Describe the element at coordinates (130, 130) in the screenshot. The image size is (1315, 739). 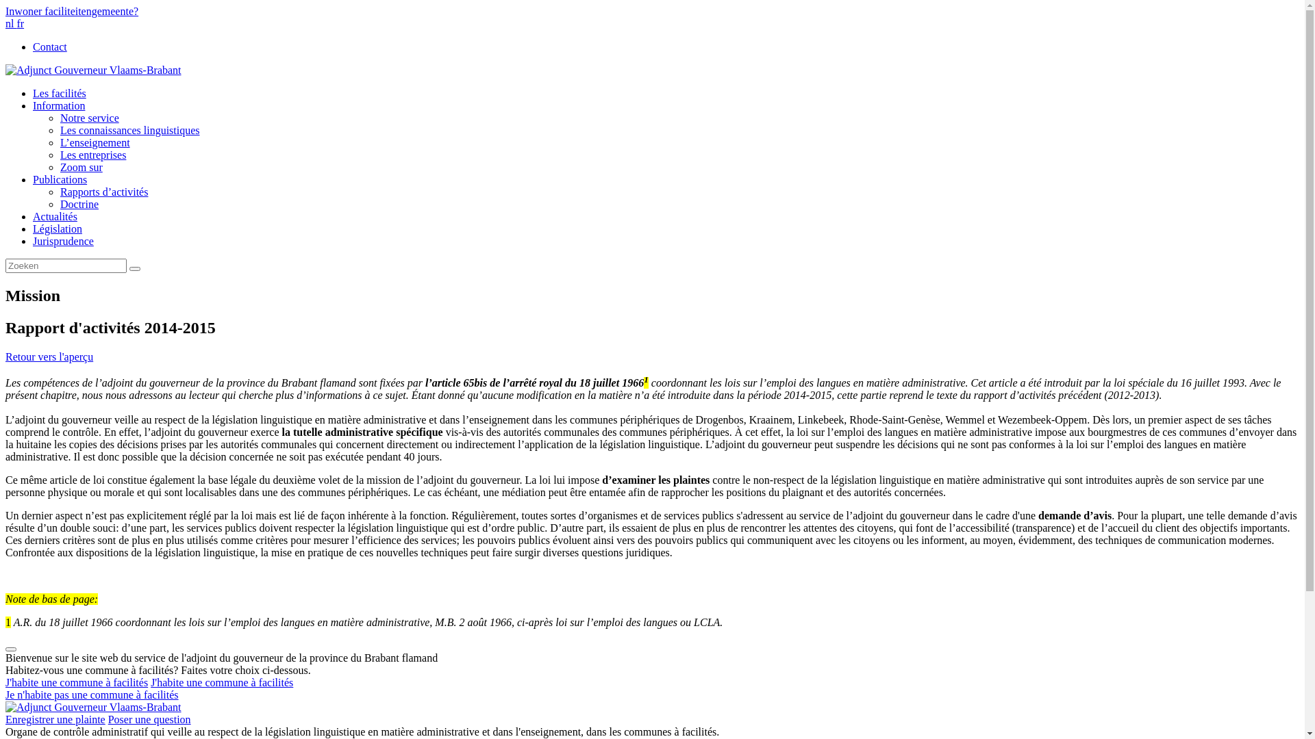
I see `'Les connaissances linguistiques'` at that location.